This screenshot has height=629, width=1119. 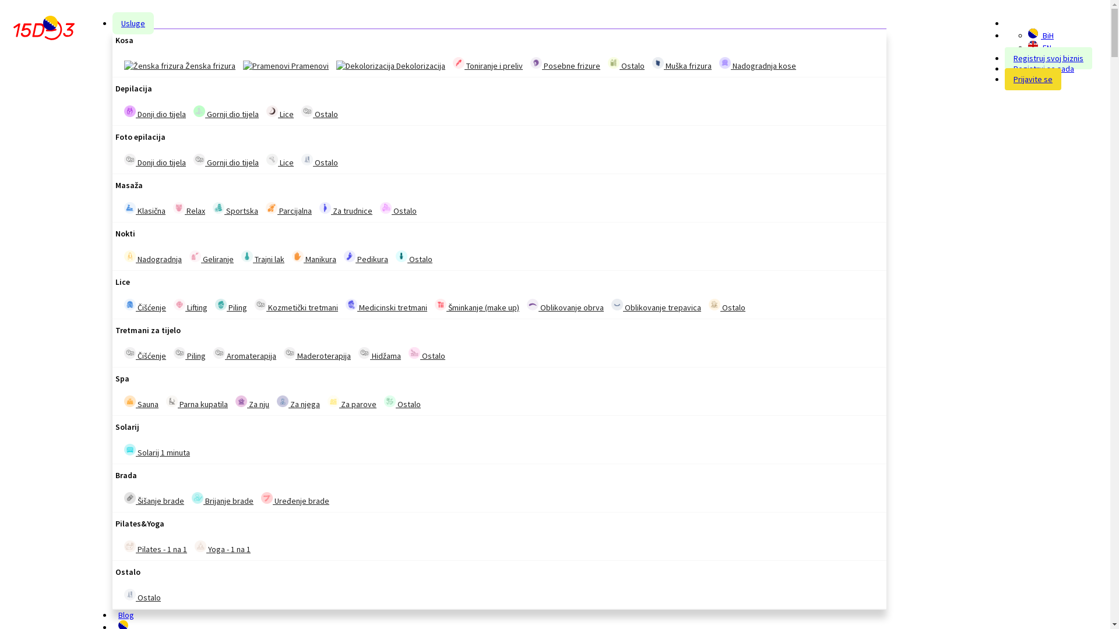 I want to click on 'Ostalo', so click(x=307, y=111).